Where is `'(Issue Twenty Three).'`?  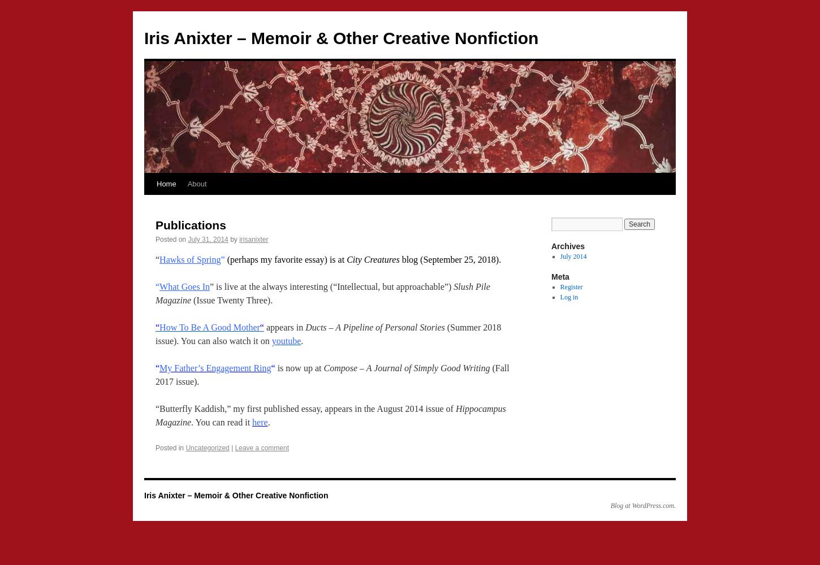 '(Issue Twenty Three).' is located at coordinates (191, 300).